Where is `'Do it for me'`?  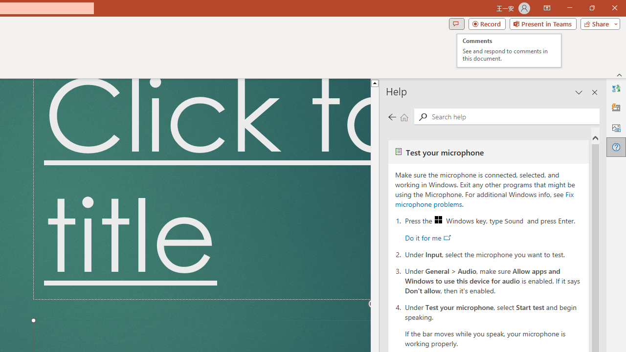 'Do it for me' is located at coordinates (427, 238).